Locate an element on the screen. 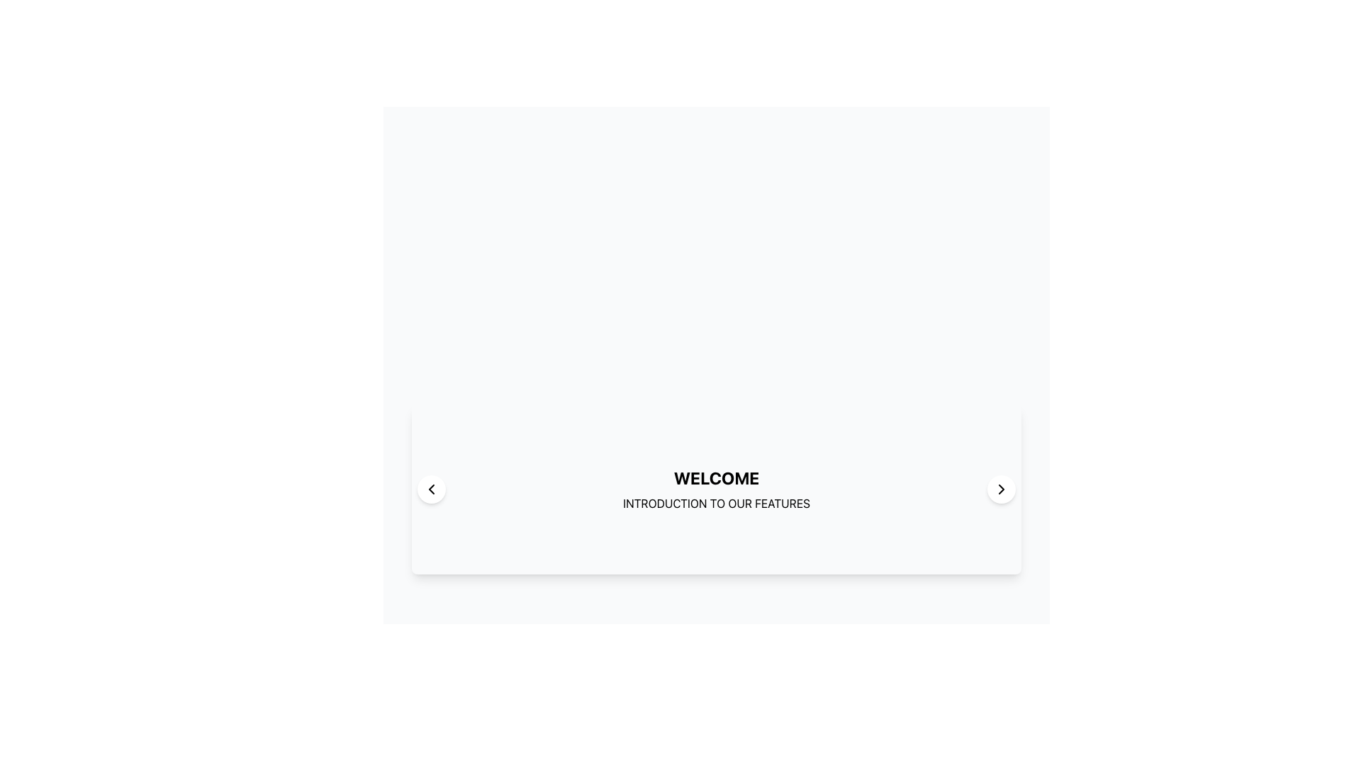  the bold, large-sized text displaying 'Welcome', which is prominently styled in black and positioned above the smaller text 'Introduction to our features' is located at coordinates (717, 478).